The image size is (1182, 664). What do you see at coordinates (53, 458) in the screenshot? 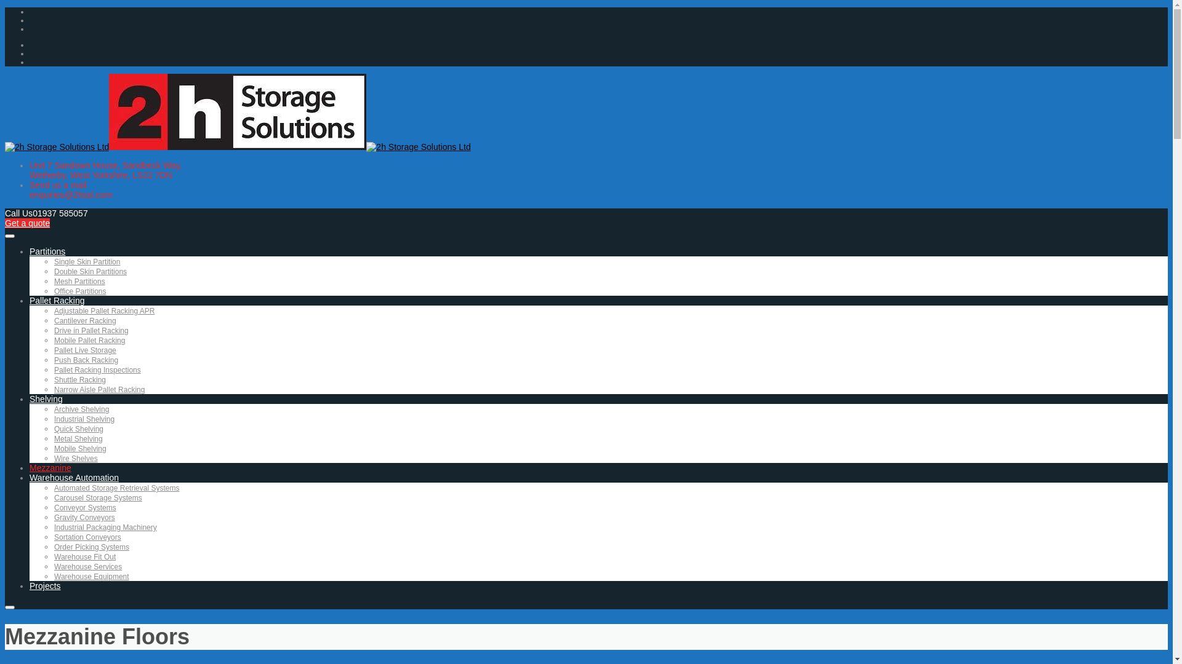
I see `'Wire Shelves'` at bounding box center [53, 458].